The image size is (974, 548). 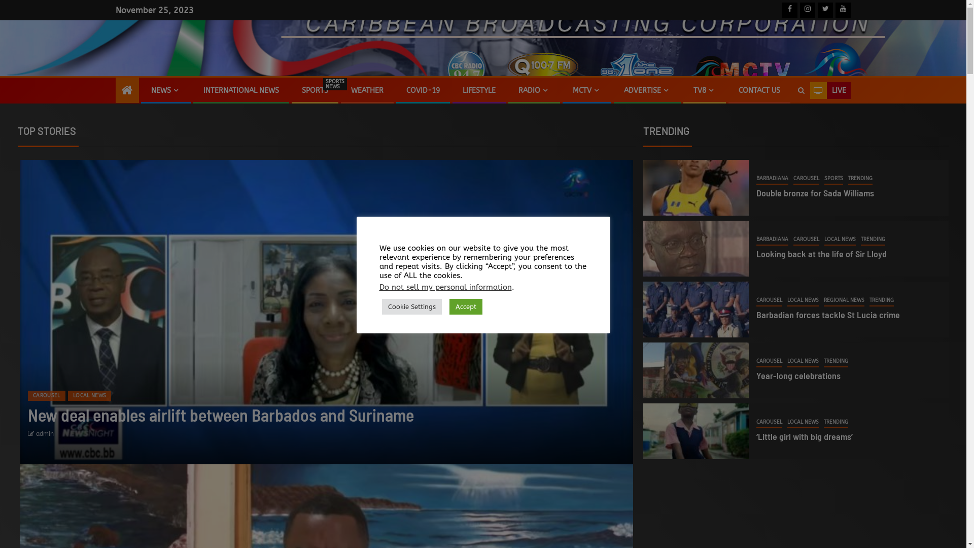 I want to click on 'TRENDING', so click(x=836, y=361).